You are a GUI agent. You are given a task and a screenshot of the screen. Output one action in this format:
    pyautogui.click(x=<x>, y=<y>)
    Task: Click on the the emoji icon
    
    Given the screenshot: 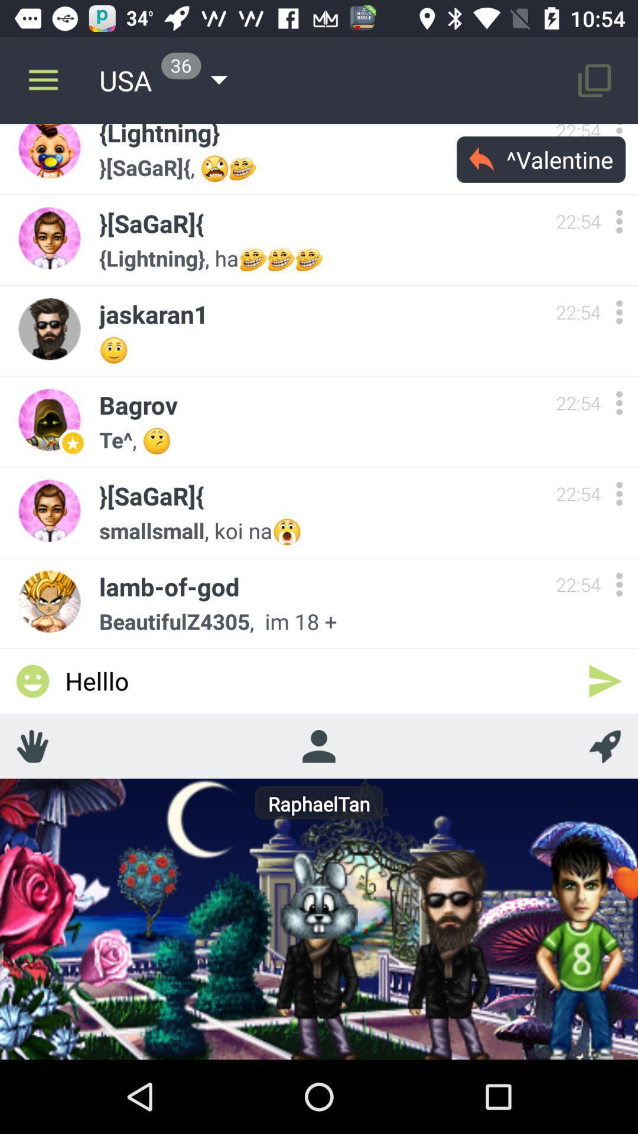 What is the action you would take?
    pyautogui.click(x=32, y=681)
    